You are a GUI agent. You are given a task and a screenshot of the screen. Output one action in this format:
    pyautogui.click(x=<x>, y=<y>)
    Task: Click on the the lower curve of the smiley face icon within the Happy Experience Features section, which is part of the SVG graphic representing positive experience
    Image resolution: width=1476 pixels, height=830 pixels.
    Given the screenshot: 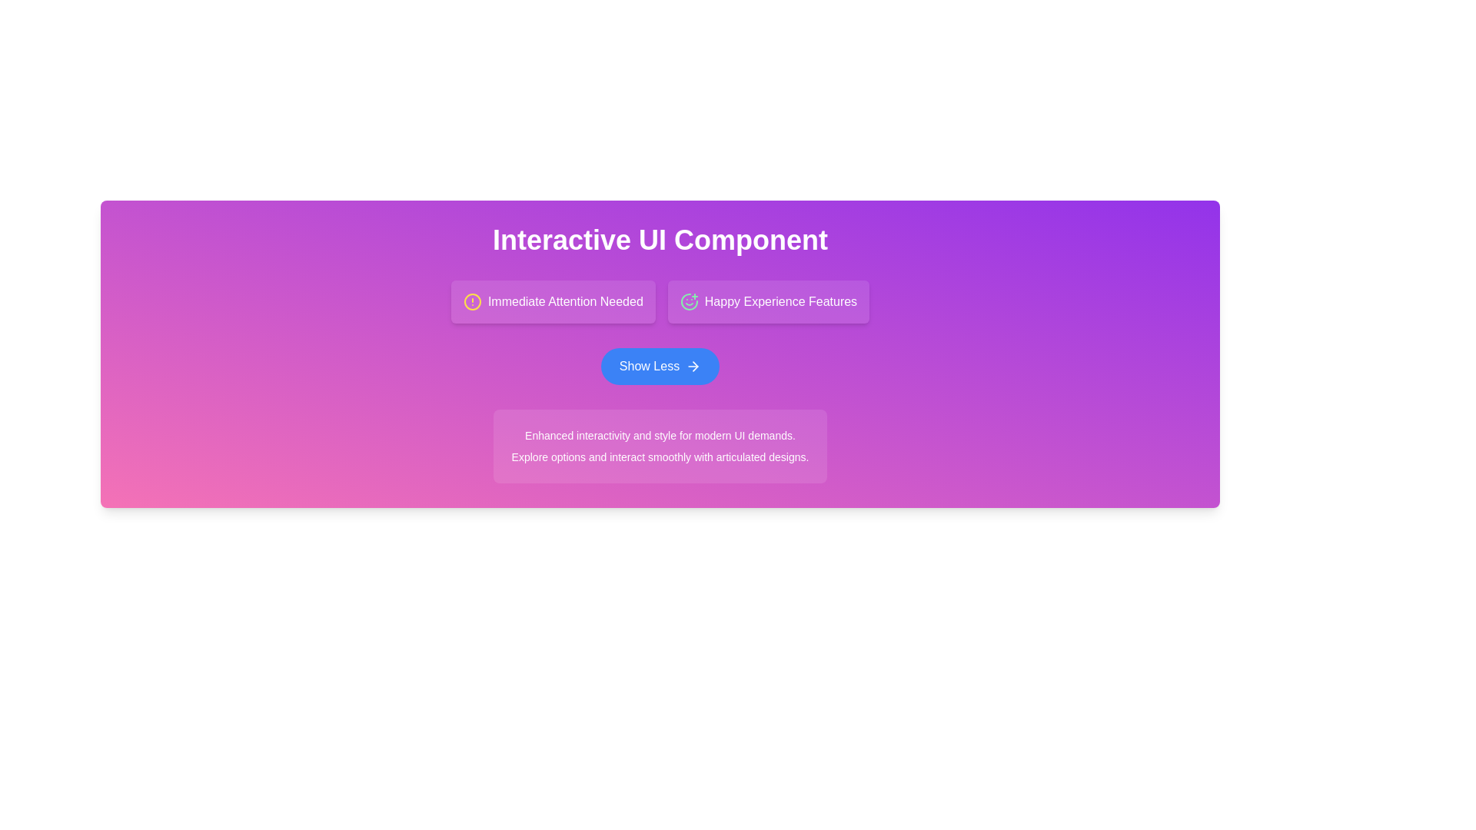 What is the action you would take?
    pyautogui.click(x=688, y=301)
    